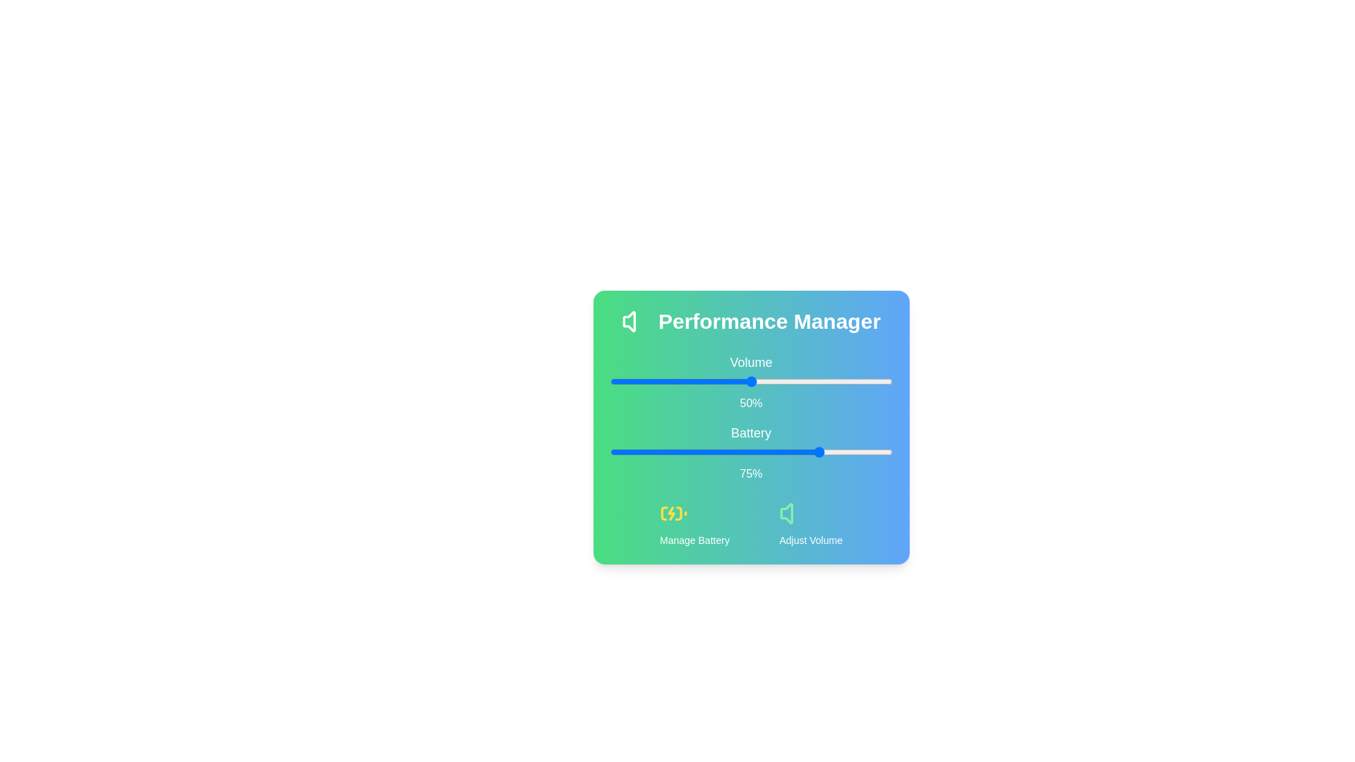 The image size is (1355, 762). I want to click on the volume slider to 62%, so click(784, 381).